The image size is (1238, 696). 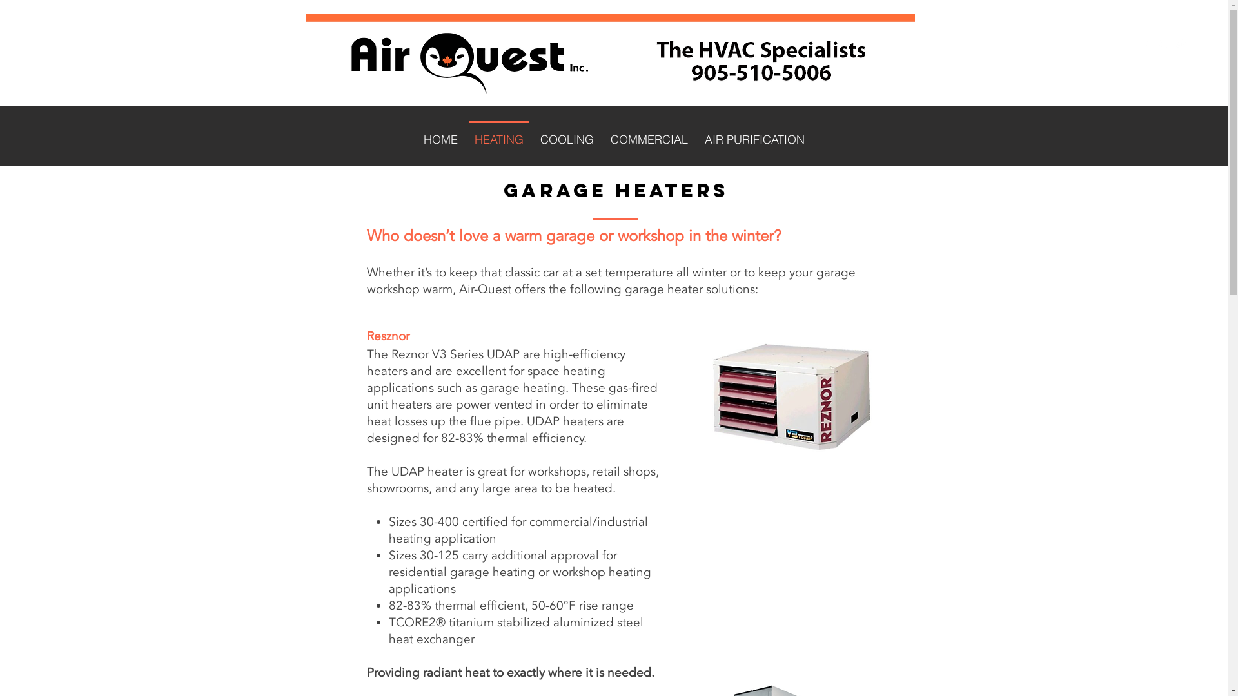 I want to click on 'COMMERCIAL', so click(x=602, y=133).